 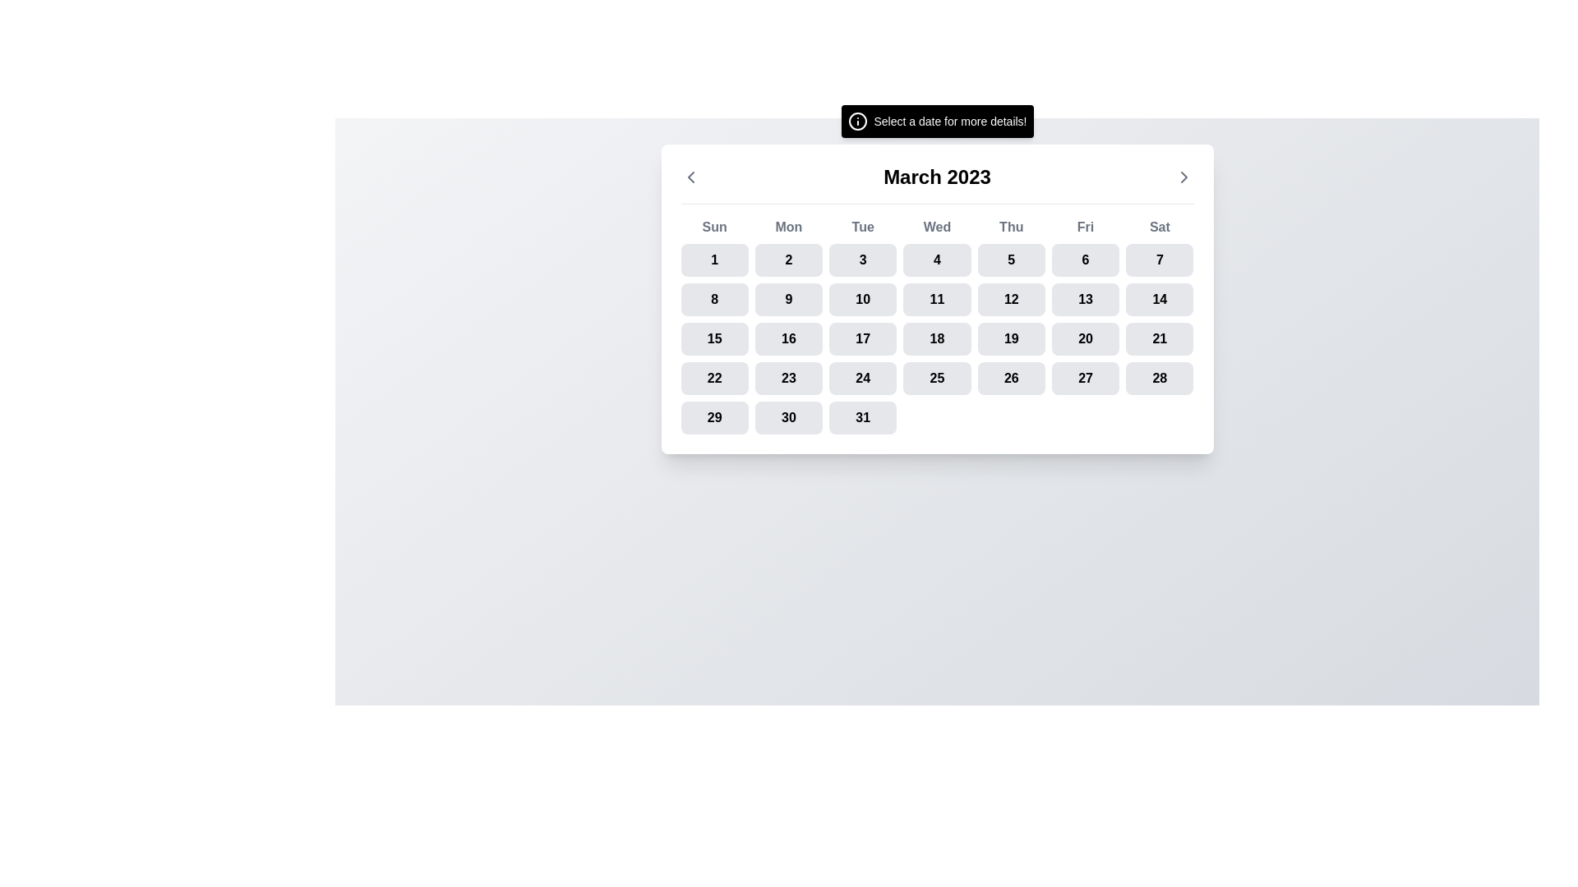 I want to click on the Day slot representing the 5th of the displayed month in the calendar, located under the 'Thu' header, so click(x=1010, y=259).